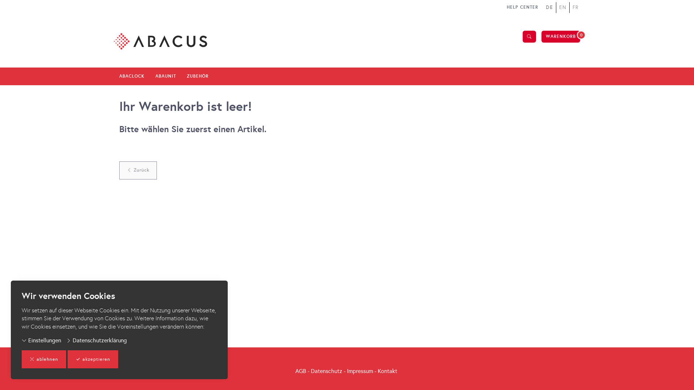 The height and width of the screenshot is (390, 694). Describe the element at coordinates (347, 371) in the screenshot. I see `'Impressum'` at that location.